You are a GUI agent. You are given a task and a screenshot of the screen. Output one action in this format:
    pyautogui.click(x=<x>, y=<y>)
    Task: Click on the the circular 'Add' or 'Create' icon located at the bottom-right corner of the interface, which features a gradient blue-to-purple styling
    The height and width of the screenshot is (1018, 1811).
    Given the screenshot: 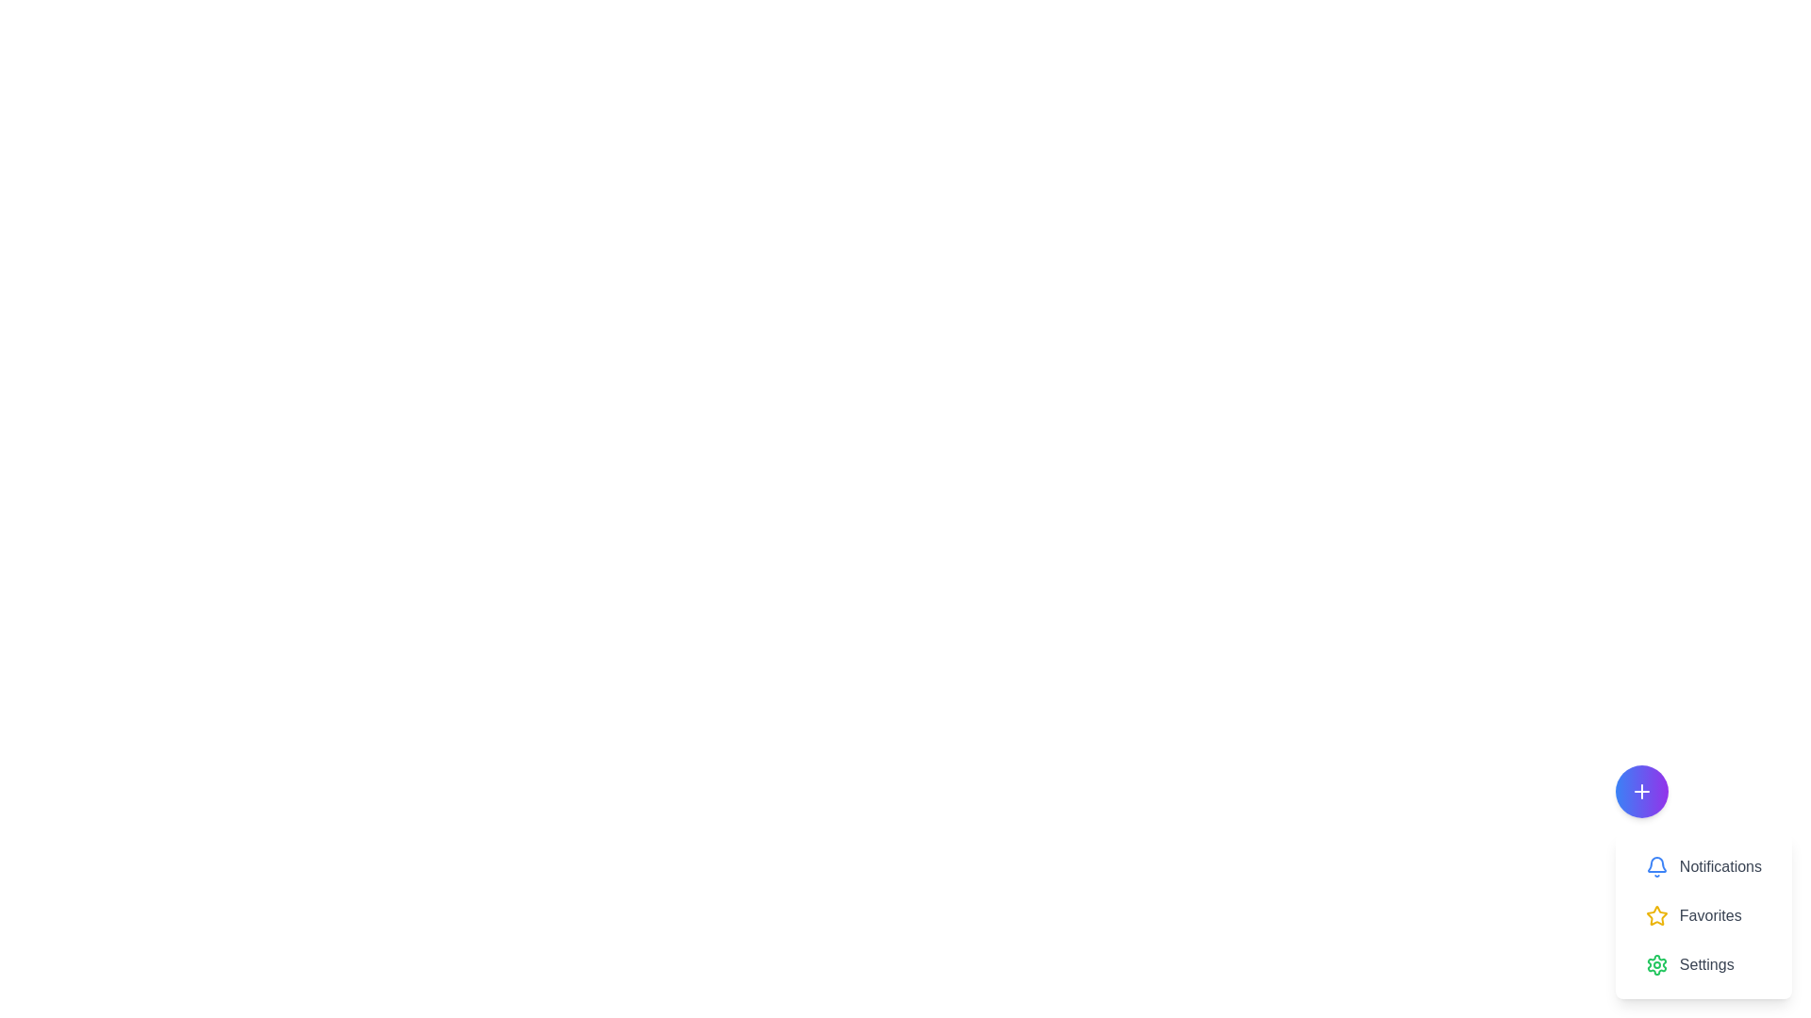 What is the action you would take?
    pyautogui.click(x=1640, y=792)
    